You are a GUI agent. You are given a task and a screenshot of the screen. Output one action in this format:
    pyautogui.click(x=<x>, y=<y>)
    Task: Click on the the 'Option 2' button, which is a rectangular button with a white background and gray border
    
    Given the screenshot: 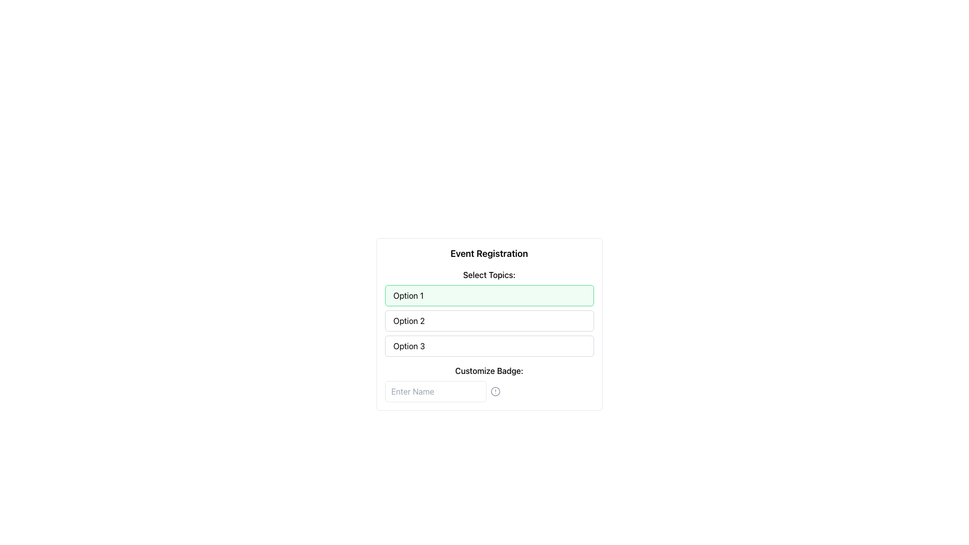 What is the action you would take?
    pyautogui.click(x=489, y=324)
    